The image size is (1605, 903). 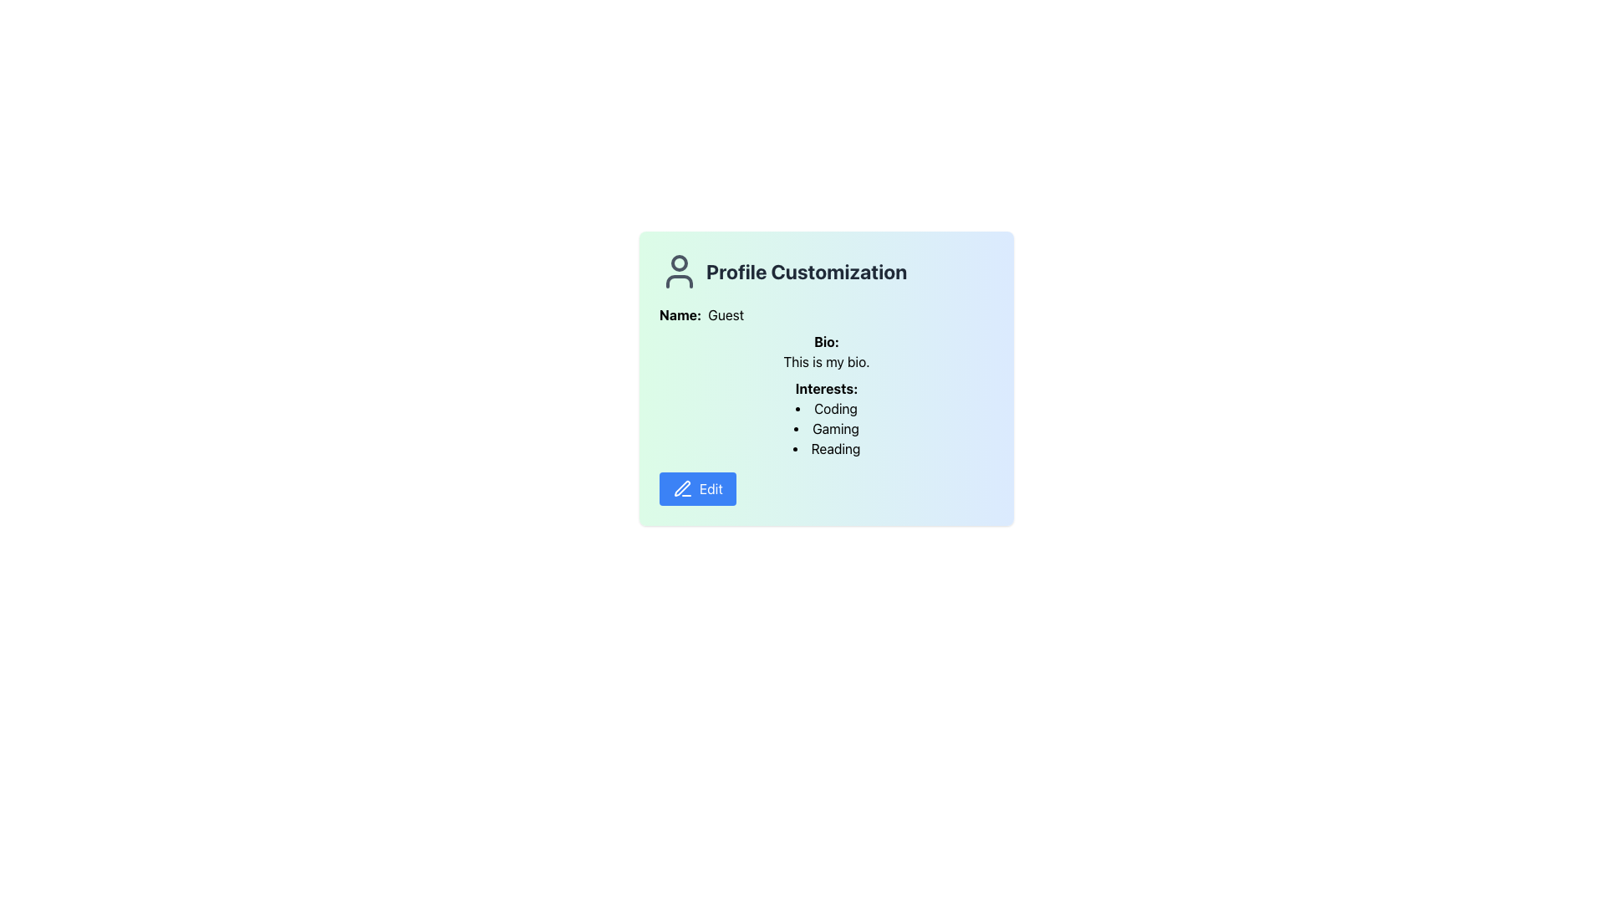 I want to click on the bold-text label 'Bio:' positioned at the top center of the profile customization interface, above the text 'This is my bio.', so click(x=826, y=340).